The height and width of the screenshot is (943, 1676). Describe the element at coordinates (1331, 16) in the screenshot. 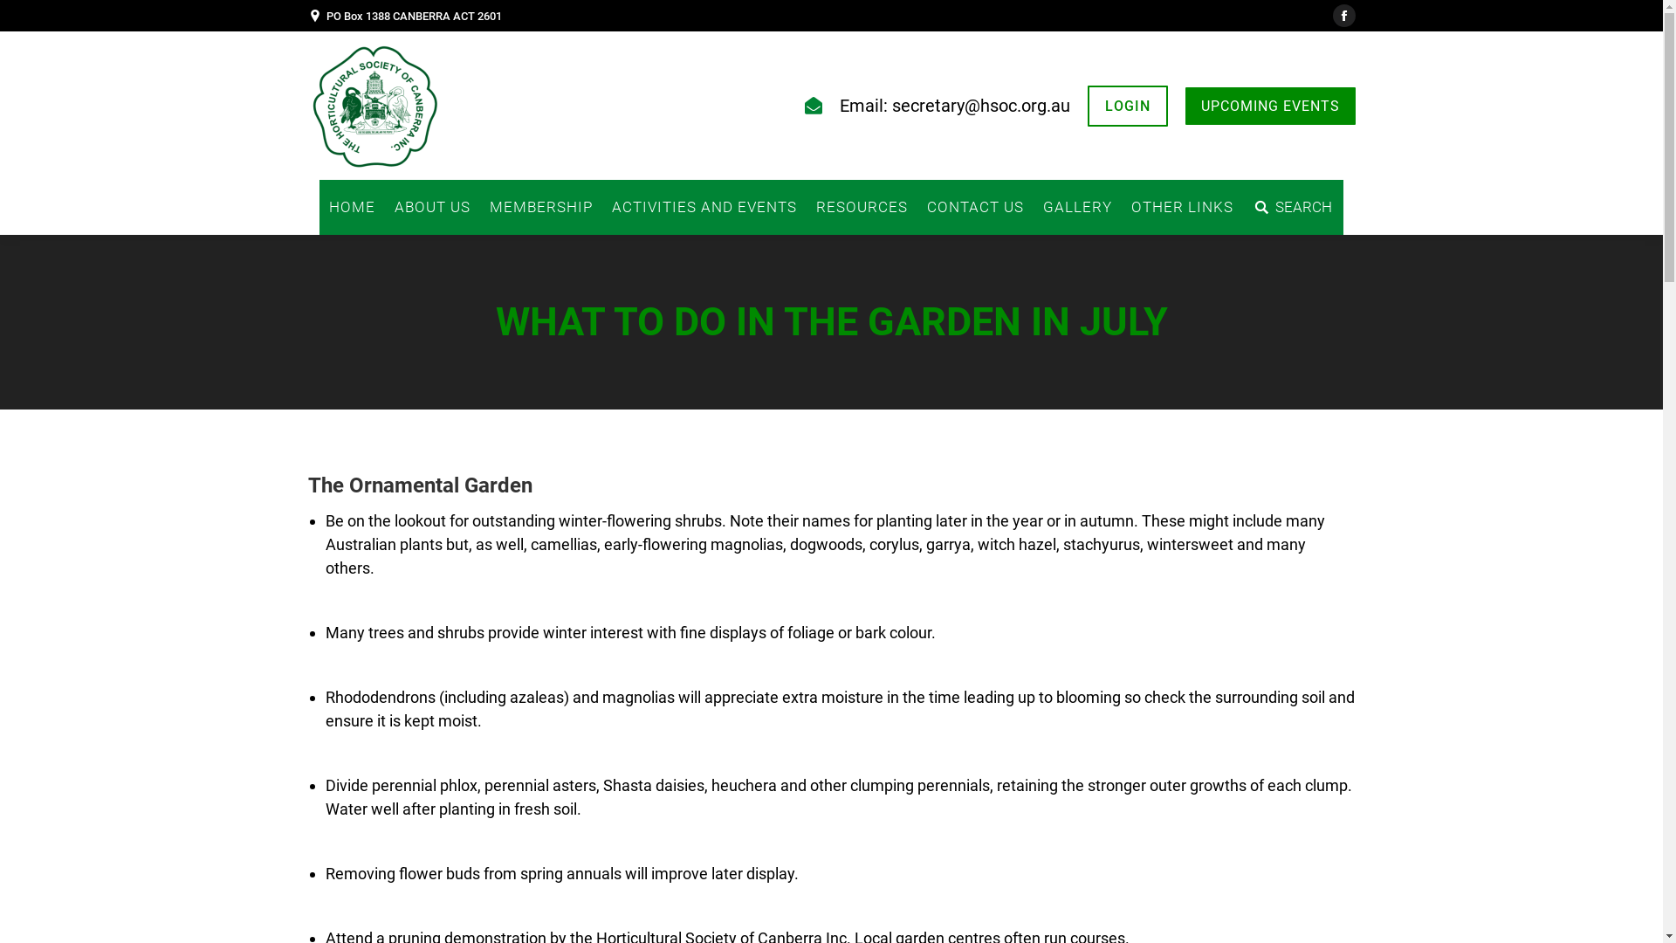

I see `'Facebook'` at that location.